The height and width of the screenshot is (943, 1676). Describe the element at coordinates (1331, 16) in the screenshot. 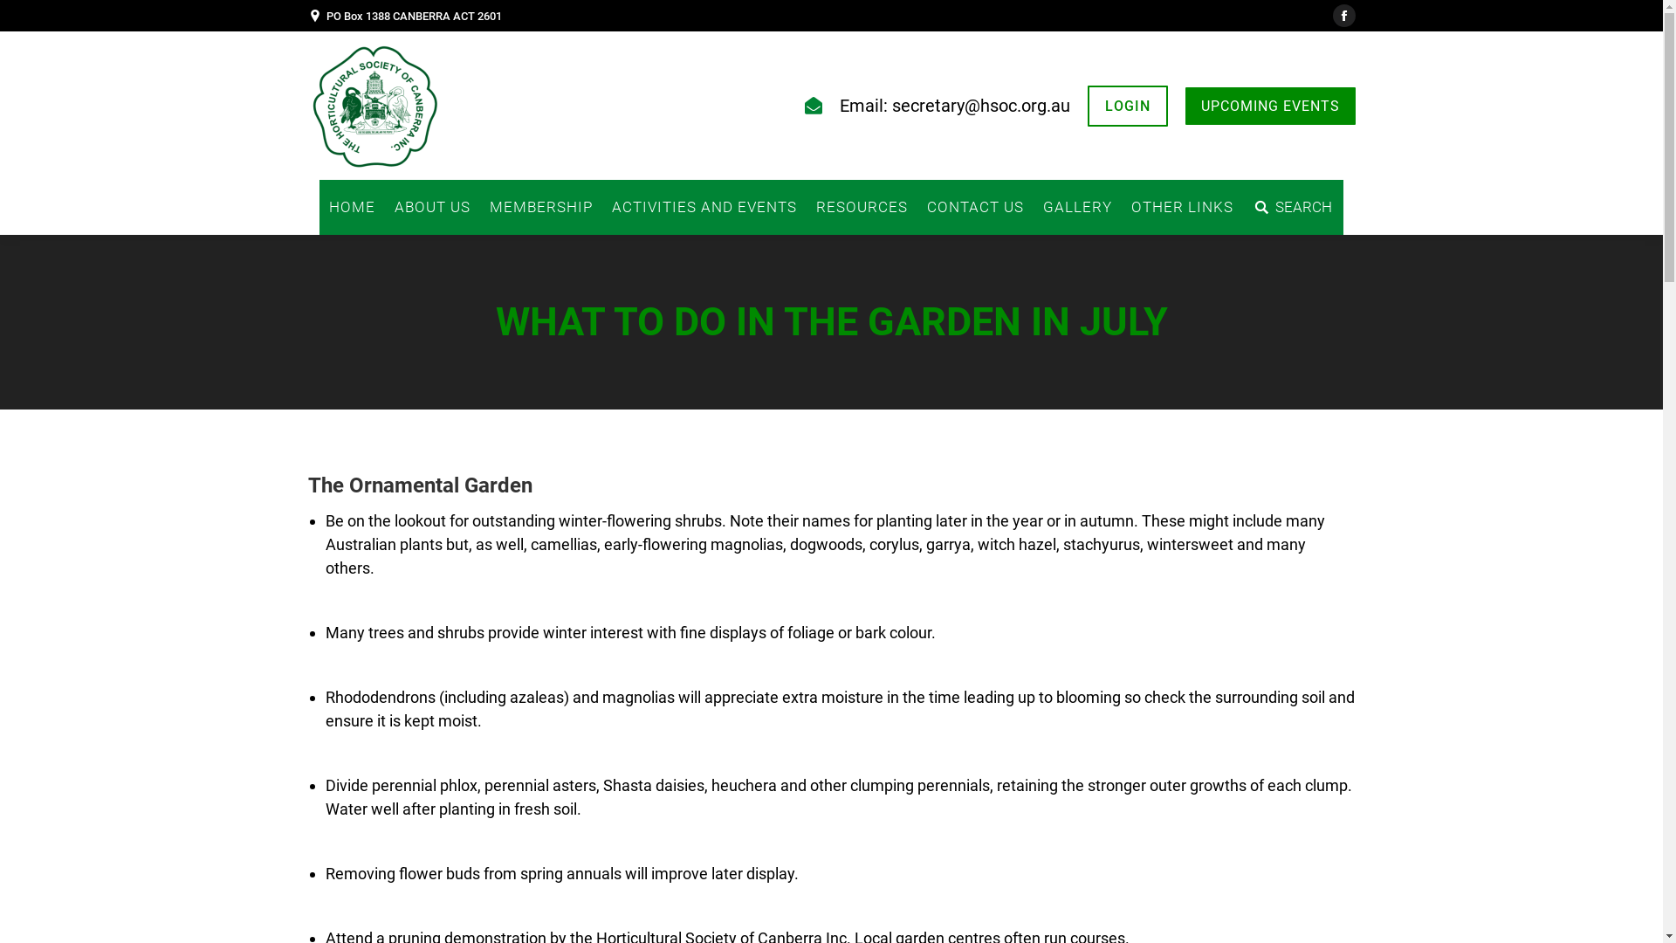

I see `'Facebook'` at that location.